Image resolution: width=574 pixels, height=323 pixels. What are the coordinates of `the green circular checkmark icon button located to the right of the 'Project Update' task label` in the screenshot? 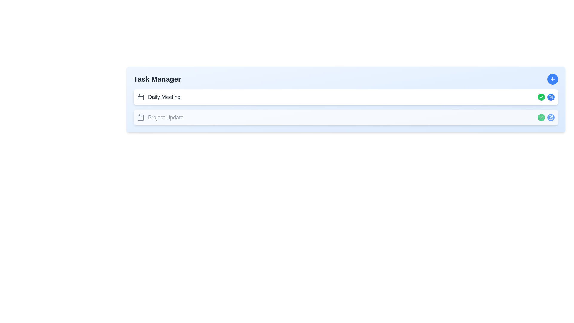 It's located at (541, 97).